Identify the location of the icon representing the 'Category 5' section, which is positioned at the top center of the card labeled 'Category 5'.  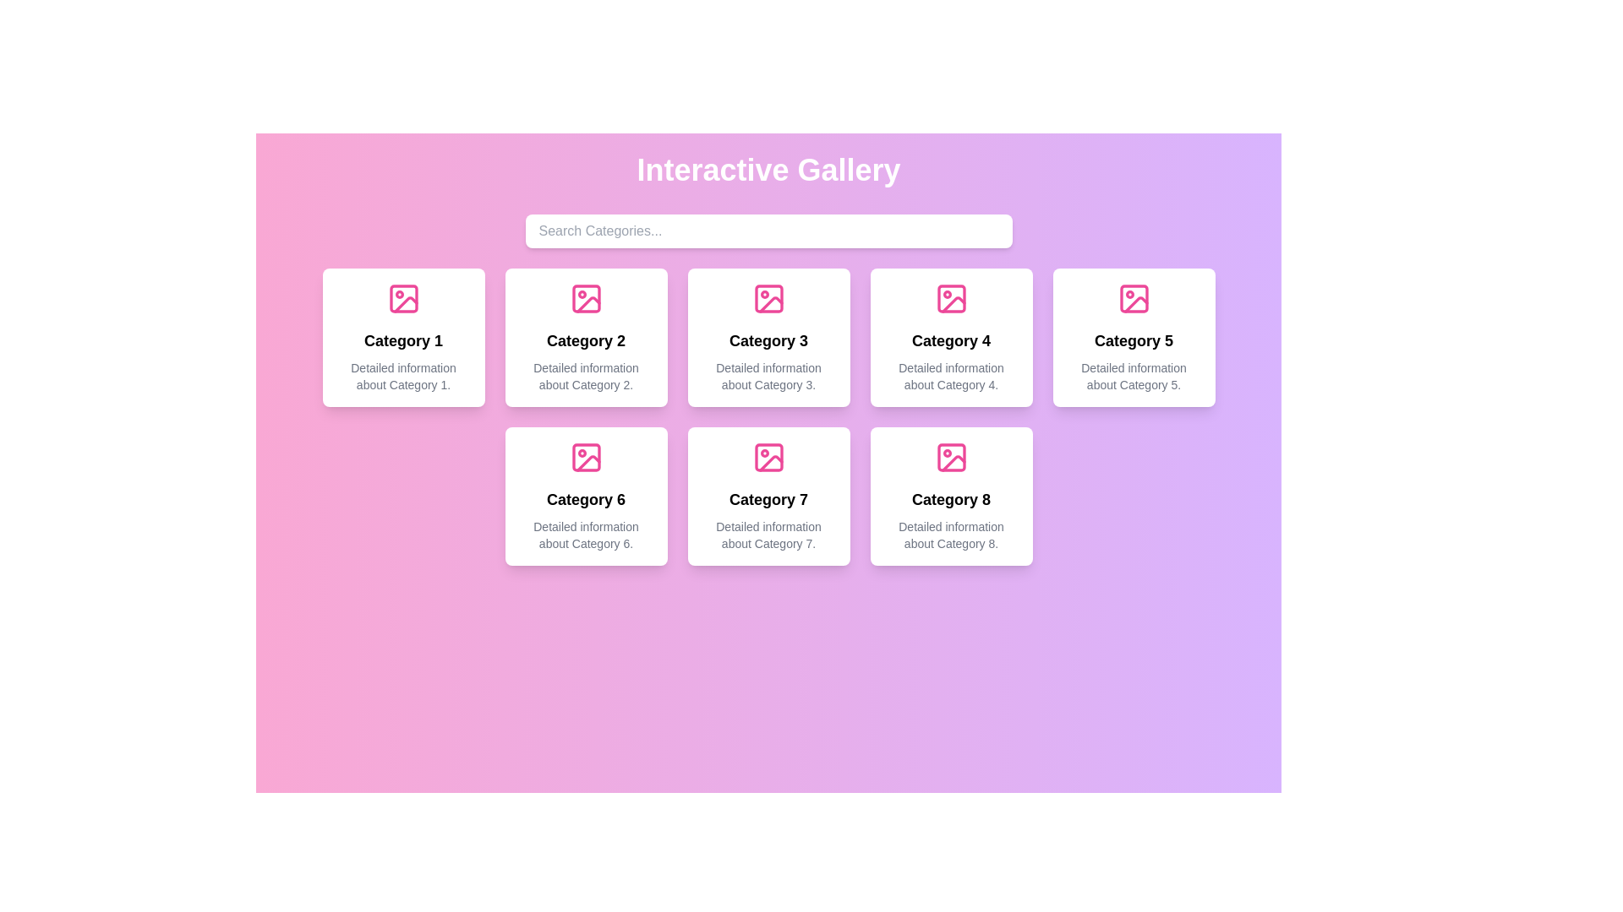
(1134, 298).